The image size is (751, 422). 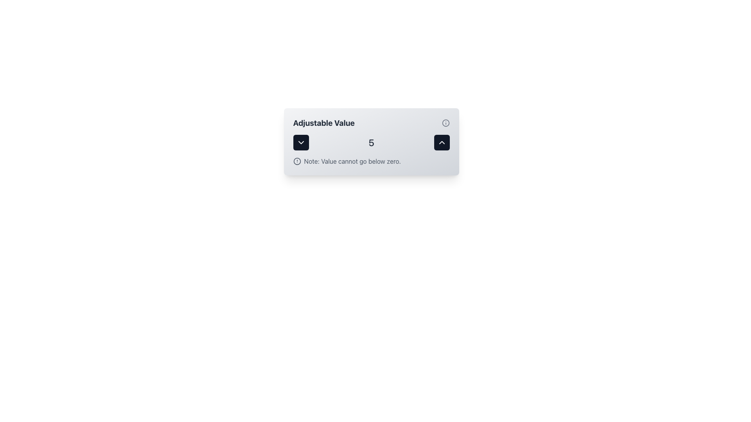 I want to click on the icon inside the dark, rounded rectangular button located to the left of the value display ('5'), so click(x=300, y=143).